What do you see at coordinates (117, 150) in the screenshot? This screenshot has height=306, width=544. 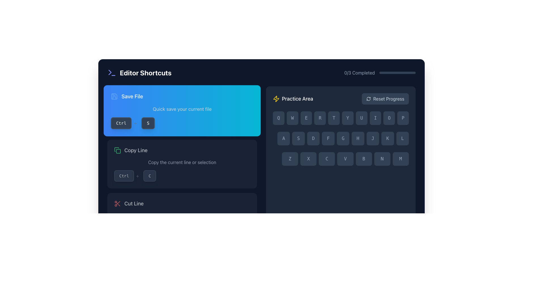 I see `the green copy icon located to the left of the 'Copy Line' label` at bounding box center [117, 150].